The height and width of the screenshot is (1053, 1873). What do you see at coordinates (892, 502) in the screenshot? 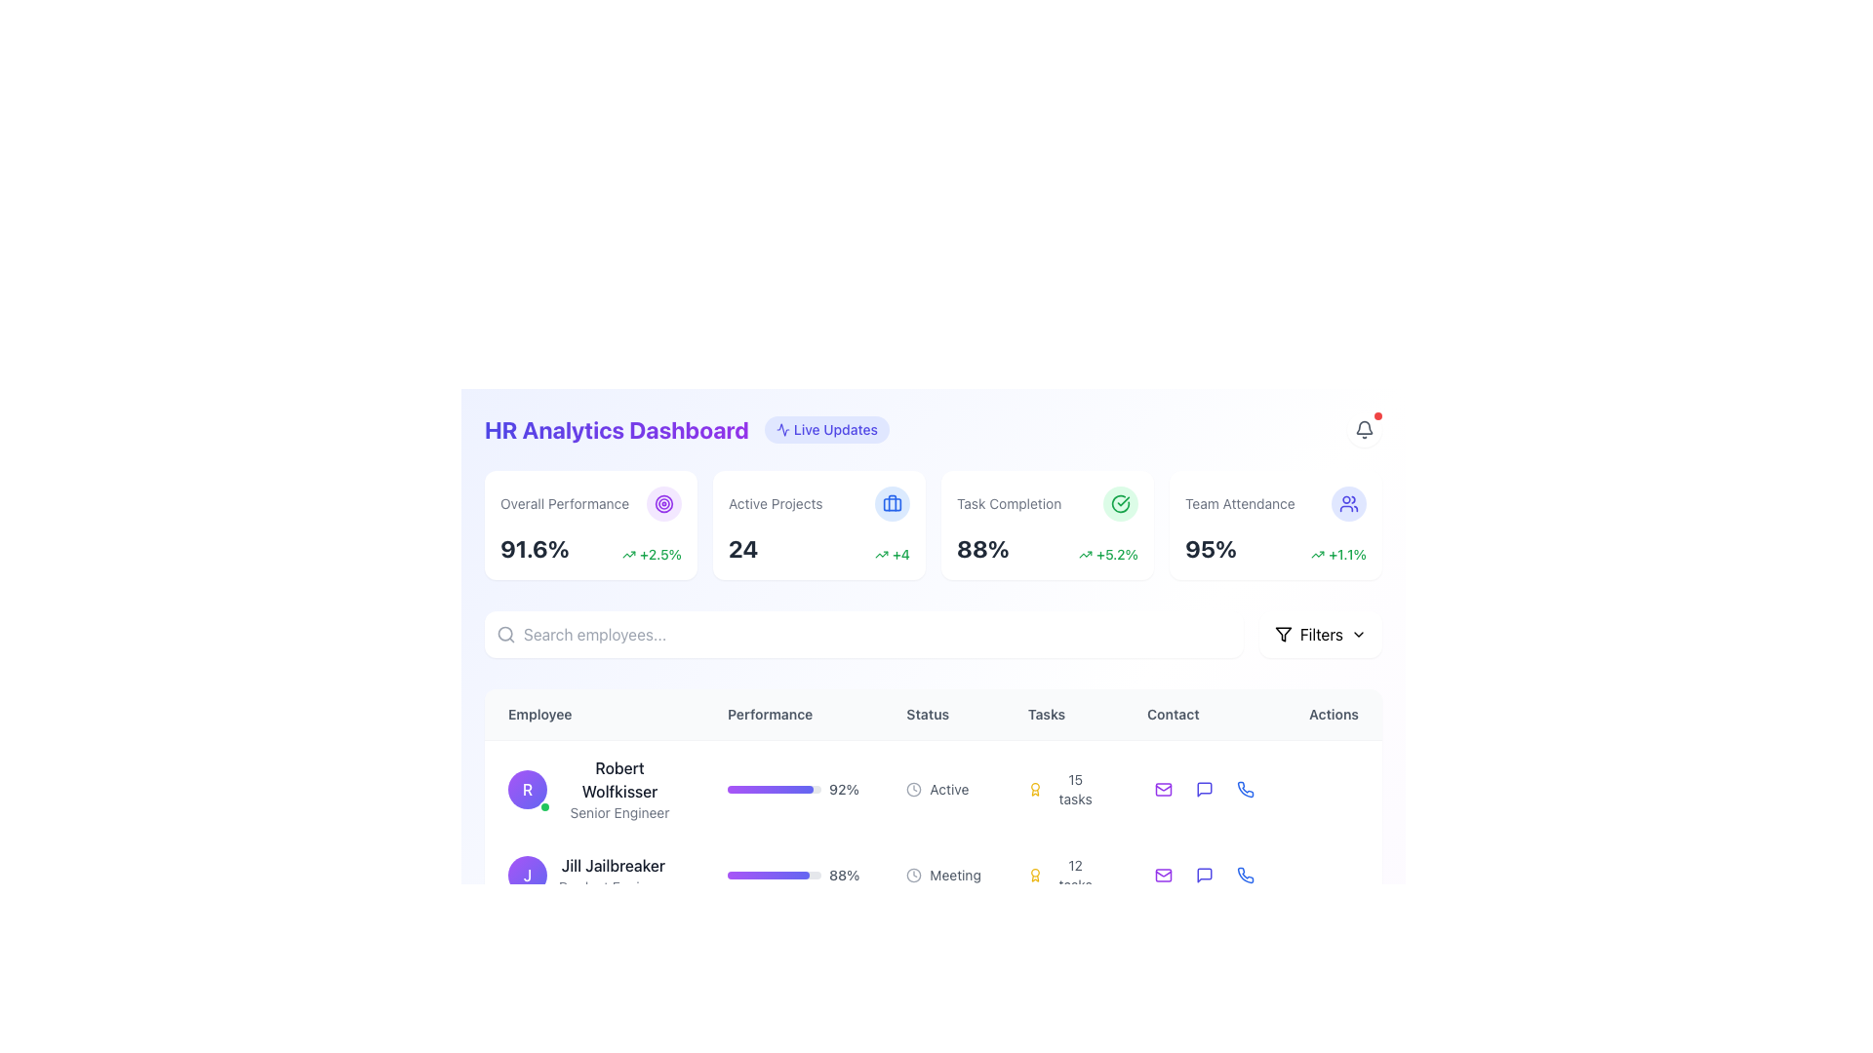
I see `the rectangle with rounded corners that is part of the briefcase icon located in the top-right corner of the interface` at bounding box center [892, 502].